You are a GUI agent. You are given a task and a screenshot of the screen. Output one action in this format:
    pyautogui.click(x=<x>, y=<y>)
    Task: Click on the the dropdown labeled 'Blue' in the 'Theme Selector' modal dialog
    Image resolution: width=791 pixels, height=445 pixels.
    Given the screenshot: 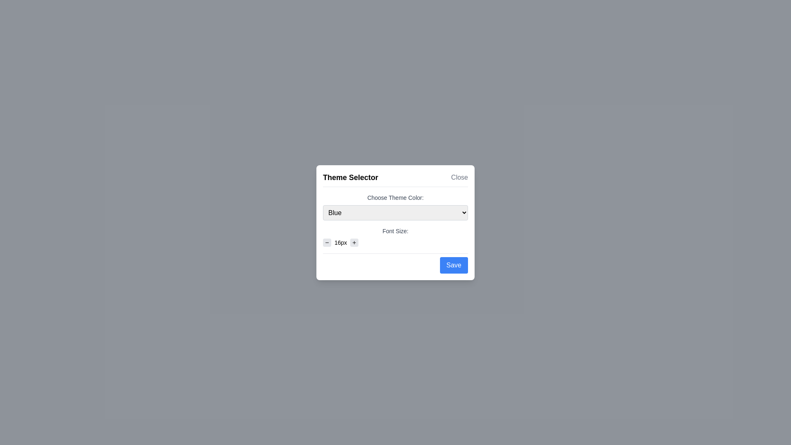 What is the action you would take?
    pyautogui.click(x=395, y=219)
    